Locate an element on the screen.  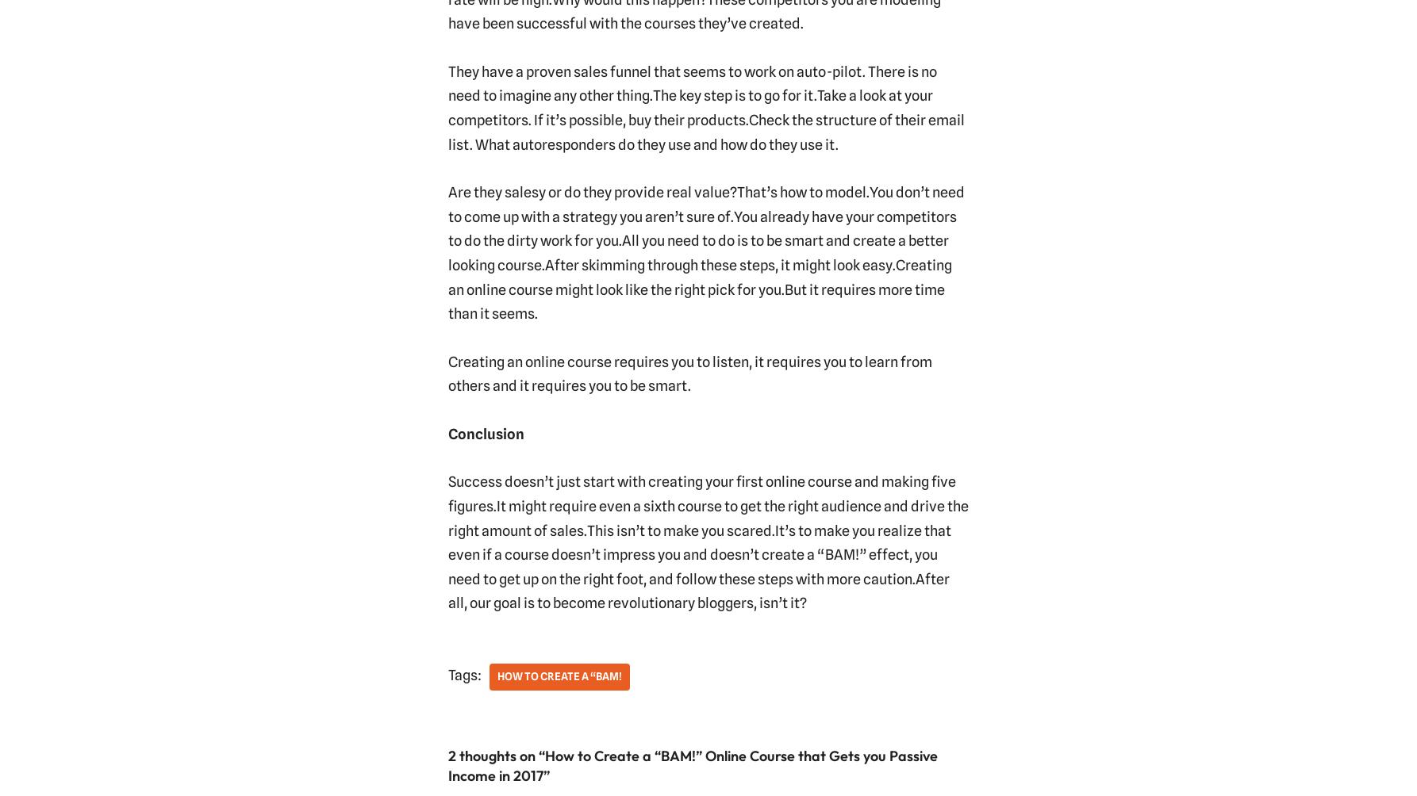
'The key step is to go for it.' is located at coordinates (734, 95).